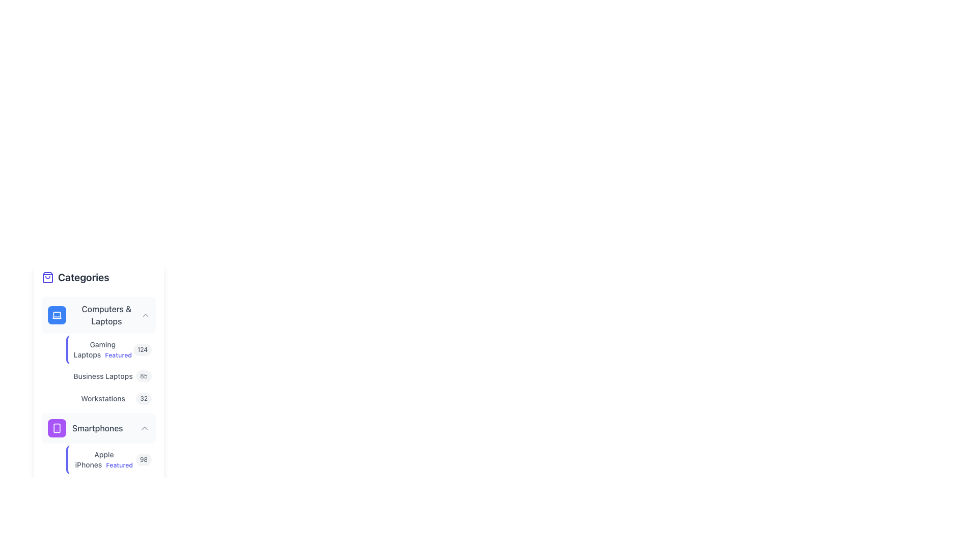 This screenshot has width=978, height=550. Describe the element at coordinates (143, 376) in the screenshot. I see `the numerical indicator badge next to 'Business Laptops' in the 'Computers & Laptops' category section` at that location.